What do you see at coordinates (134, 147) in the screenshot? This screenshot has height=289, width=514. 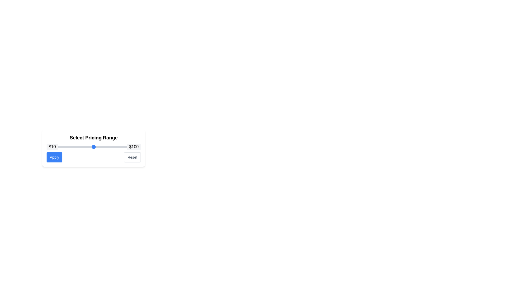 I see `the text label indicating the maximum value in the price selection range, positioned on the far right side next to the $10 badge and above the horizontal slider bar` at bounding box center [134, 147].